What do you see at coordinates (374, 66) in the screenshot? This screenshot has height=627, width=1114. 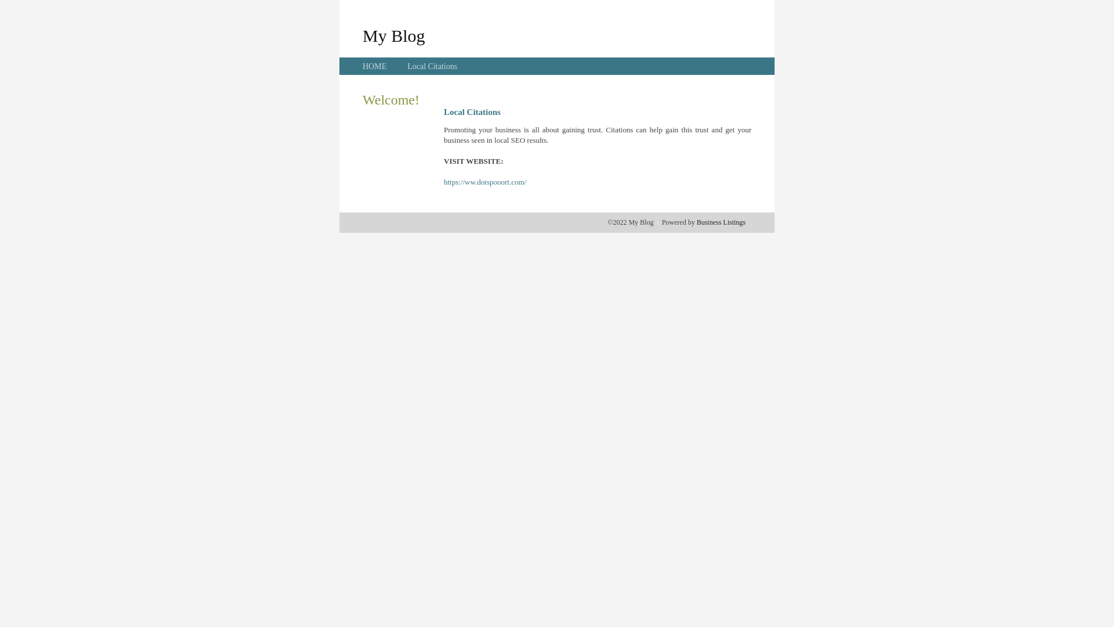 I see `'HOME'` at bounding box center [374, 66].